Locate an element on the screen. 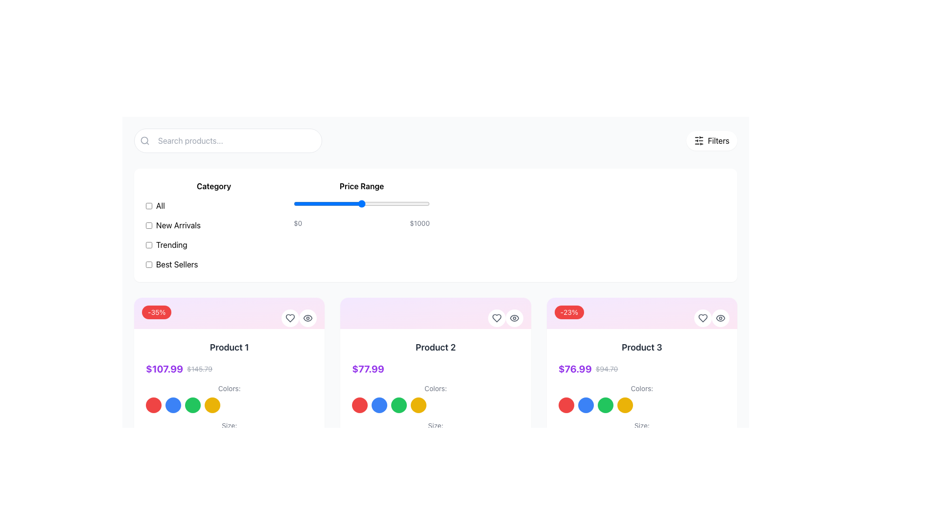 The height and width of the screenshot is (528, 940). the heart icon located at the top right corner of the card for 'Product 3' to mark the product as favorite is located at coordinates (702, 318).